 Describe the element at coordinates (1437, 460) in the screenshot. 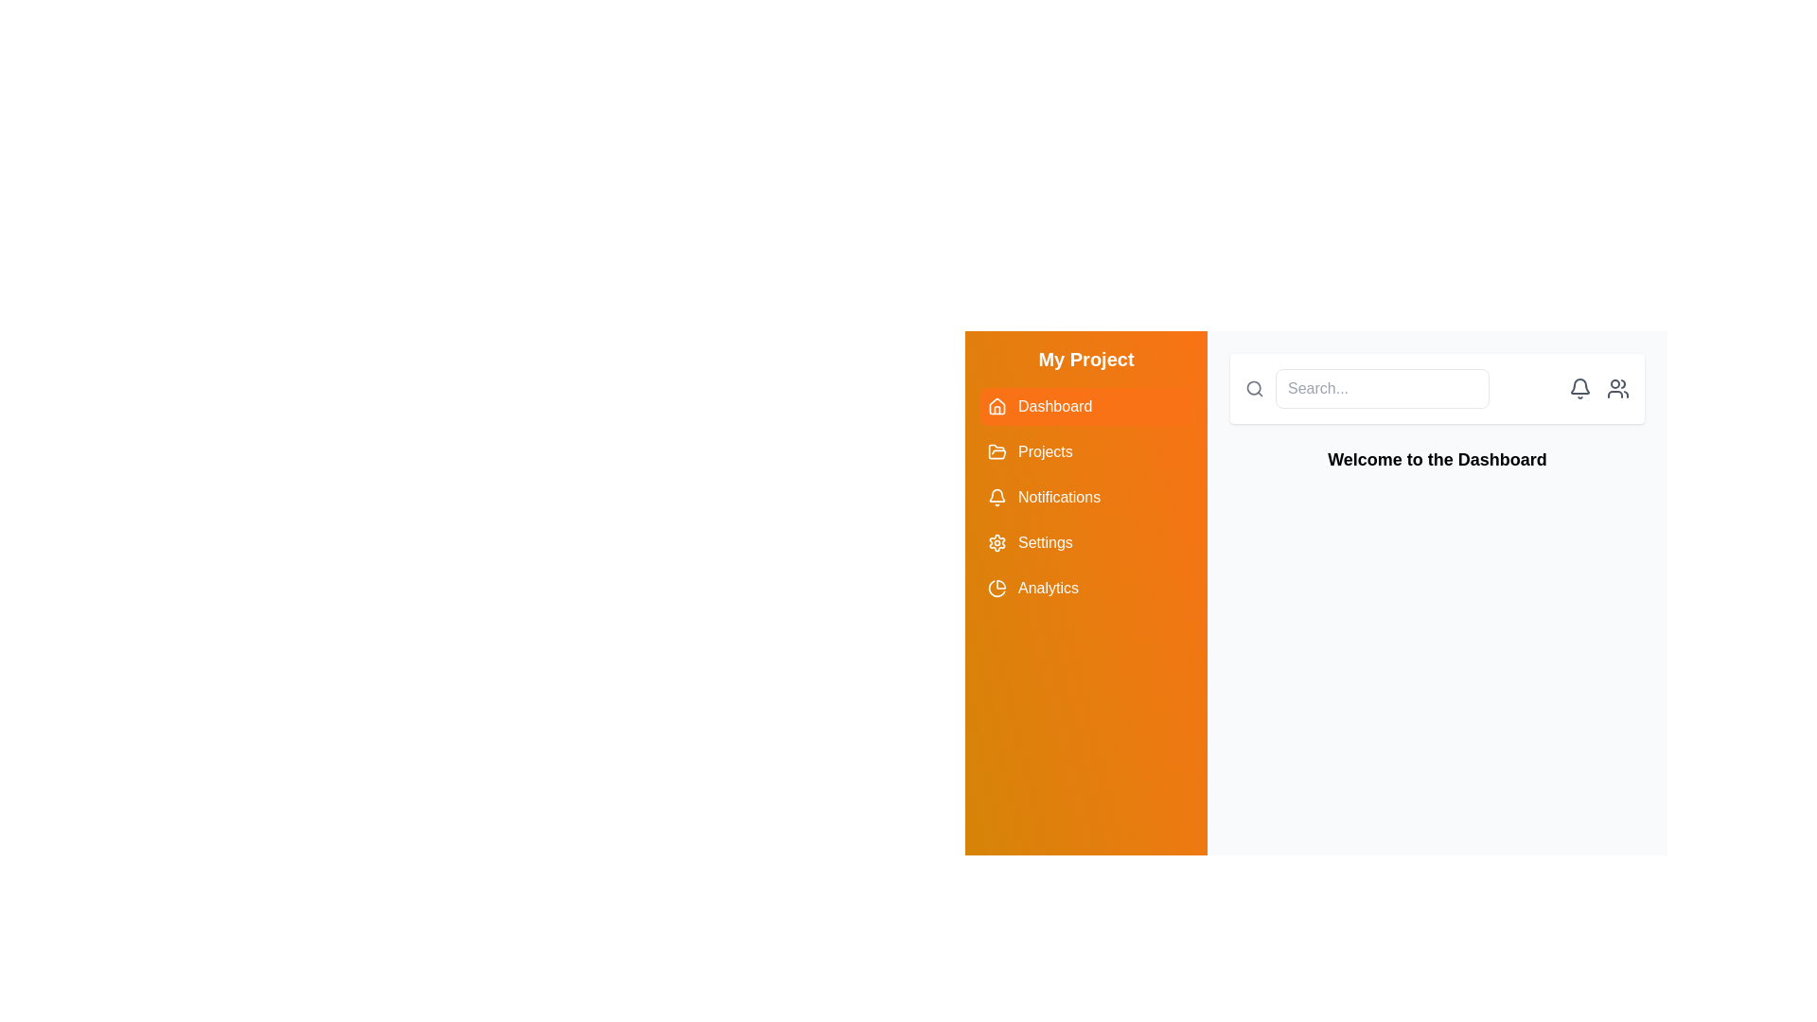

I see `the text label displaying 'Welcome to the Dashboard', which is centrally aligned and prominently positioned below the header area` at that location.